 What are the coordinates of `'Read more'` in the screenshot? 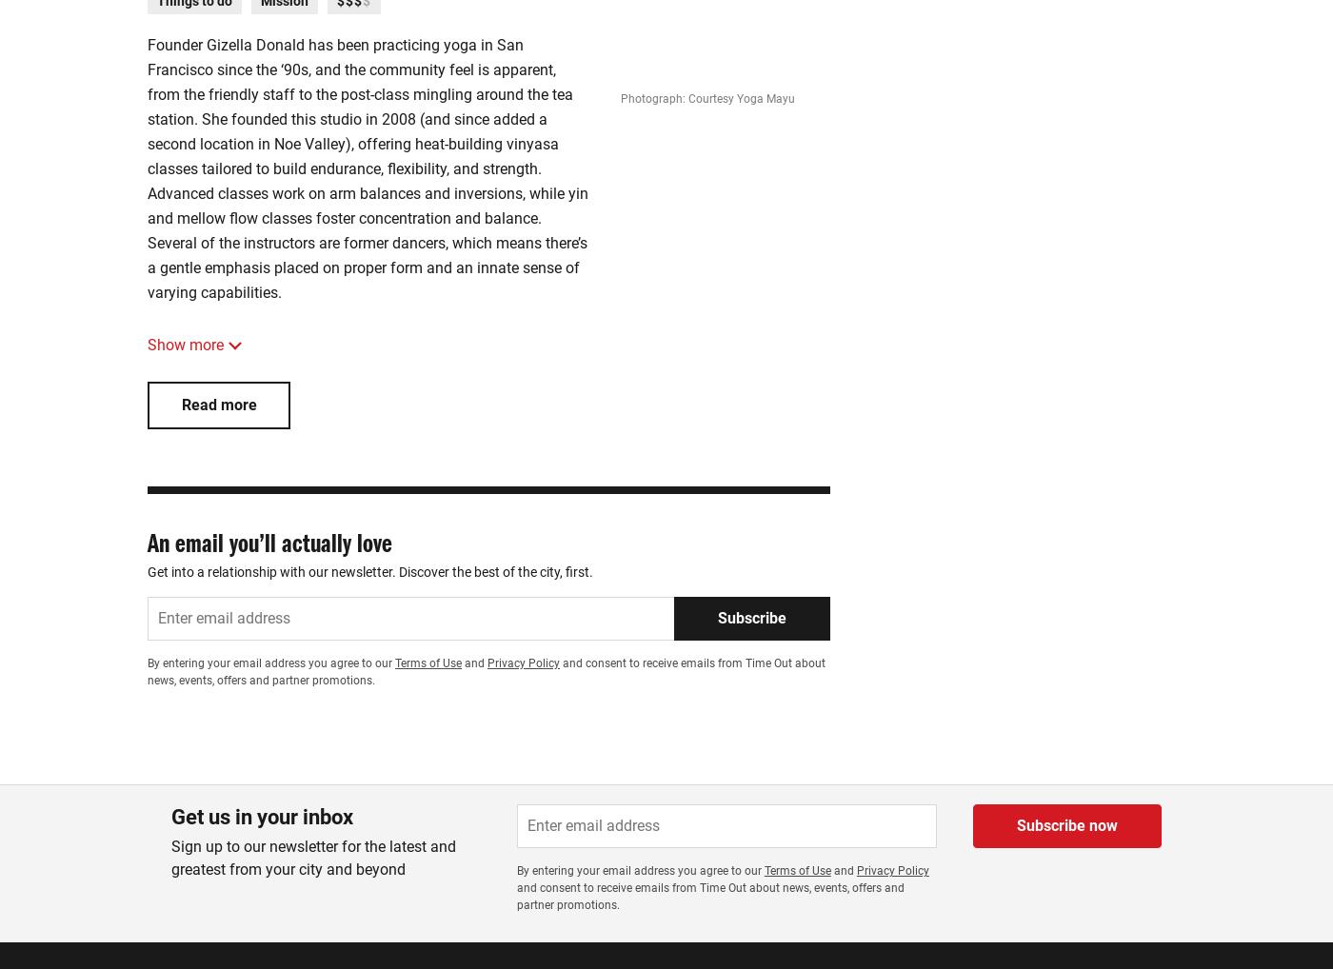 It's located at (180, 404).